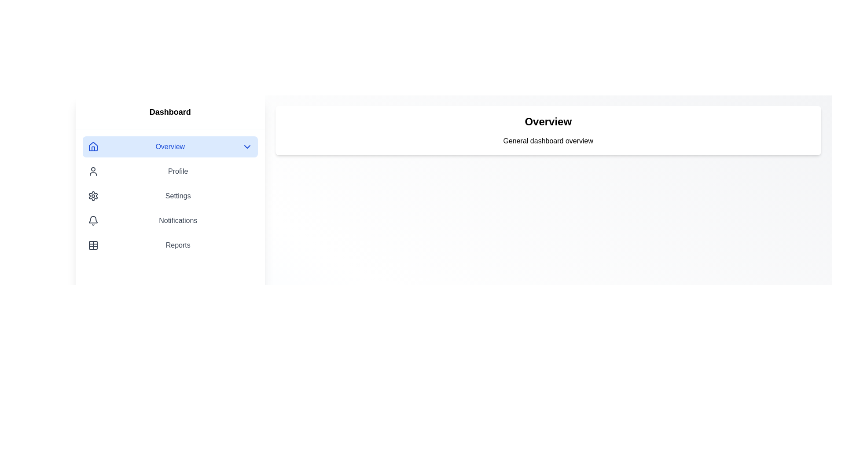 Image resolution: width=845 pixels, height=475 pixels. I want to click on the menu item Settings in the sidebar to navigate to its respective content, so click(170, 196).